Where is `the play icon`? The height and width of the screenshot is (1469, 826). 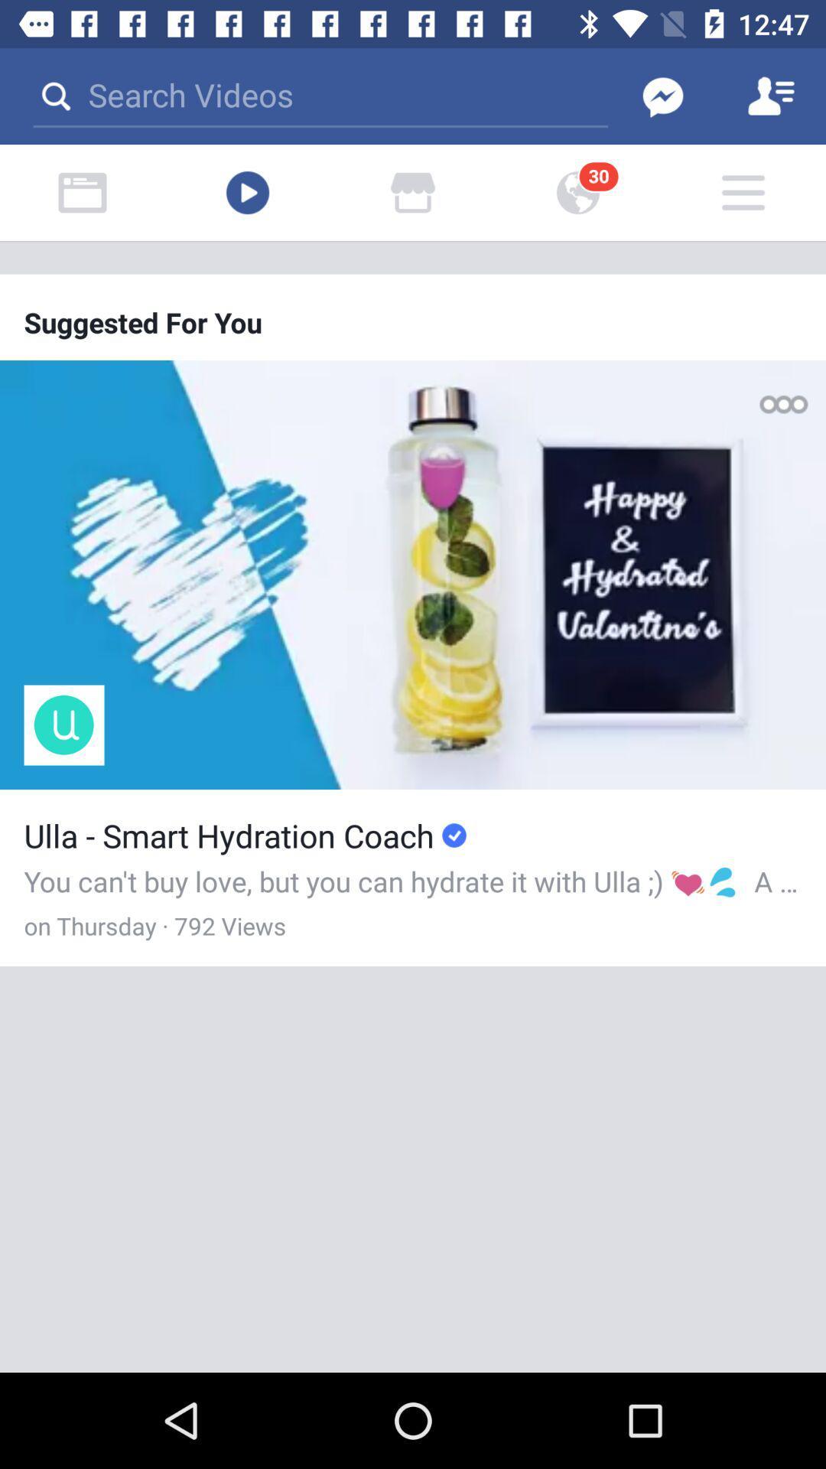
the play icon is located at coordinates (247, 192).